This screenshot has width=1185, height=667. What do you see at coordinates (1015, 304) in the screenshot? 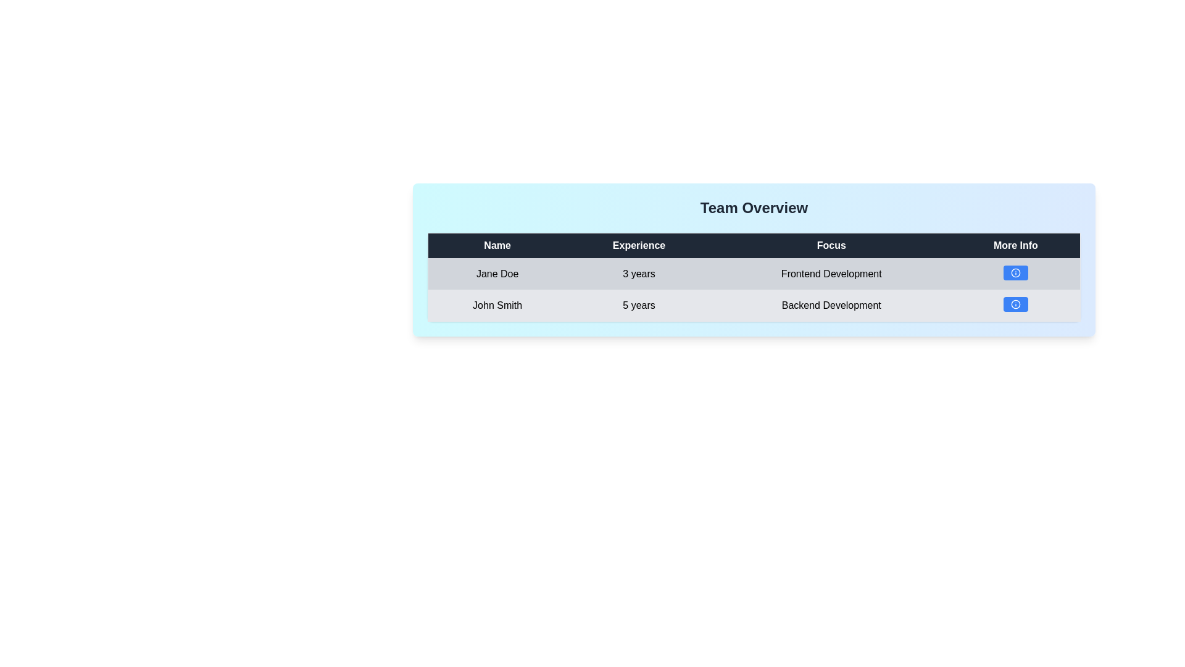
I see `the circular inner part of the SVG 'info' icon located in the 'More Info' column of the second row labeled 'John Smith'` at bounding box center [1015, 304].